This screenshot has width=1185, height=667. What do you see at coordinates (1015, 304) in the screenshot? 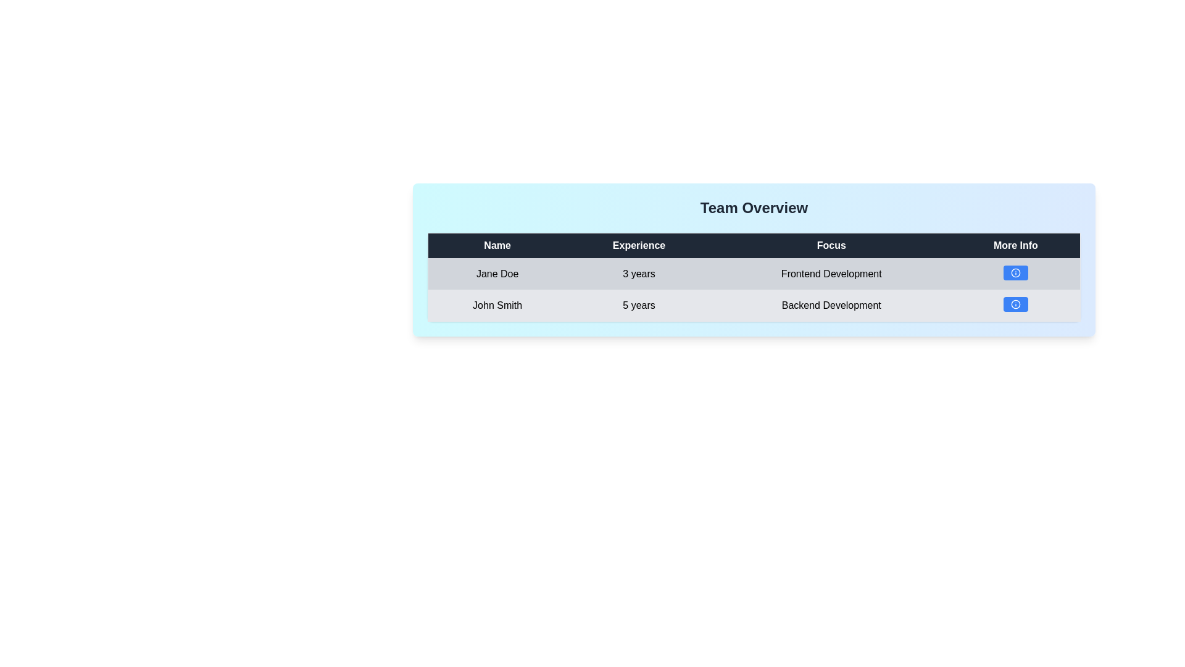
I see `the circular inner part of the SVG 'info' icon located in the 'More Info' column of the second row labeled 'John Smith'` at bounding box center [1015, 304].